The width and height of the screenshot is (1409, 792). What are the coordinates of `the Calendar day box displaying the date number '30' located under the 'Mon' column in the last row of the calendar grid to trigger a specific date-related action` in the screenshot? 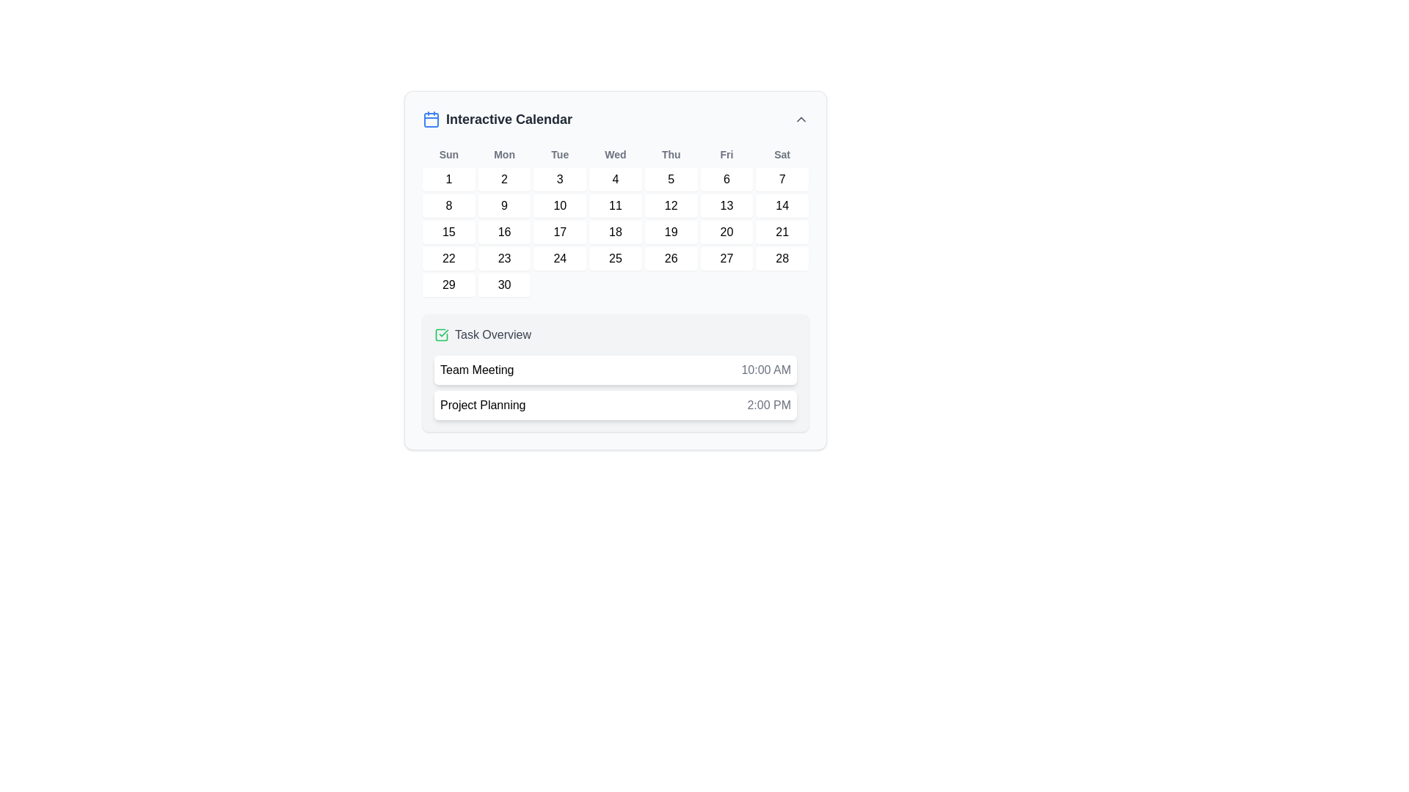 It's located at (504, 285).